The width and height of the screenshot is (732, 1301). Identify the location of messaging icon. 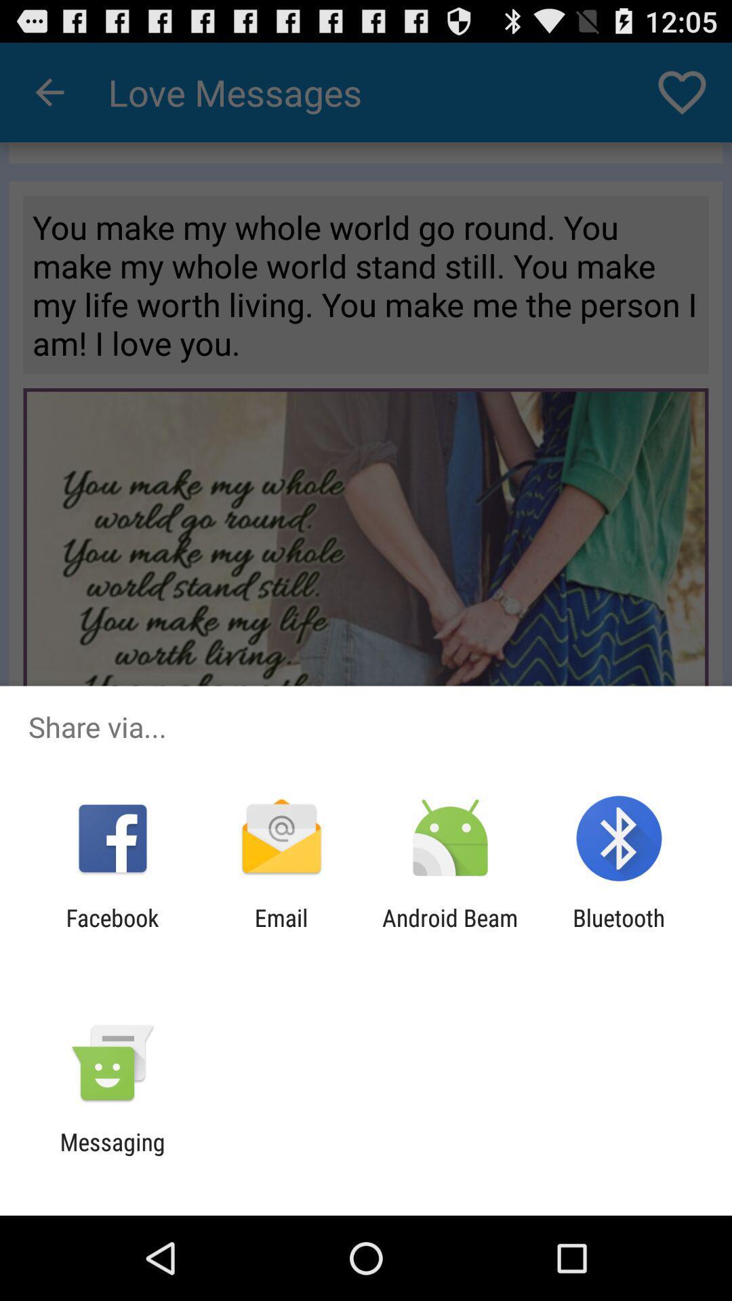
(112, 1155).